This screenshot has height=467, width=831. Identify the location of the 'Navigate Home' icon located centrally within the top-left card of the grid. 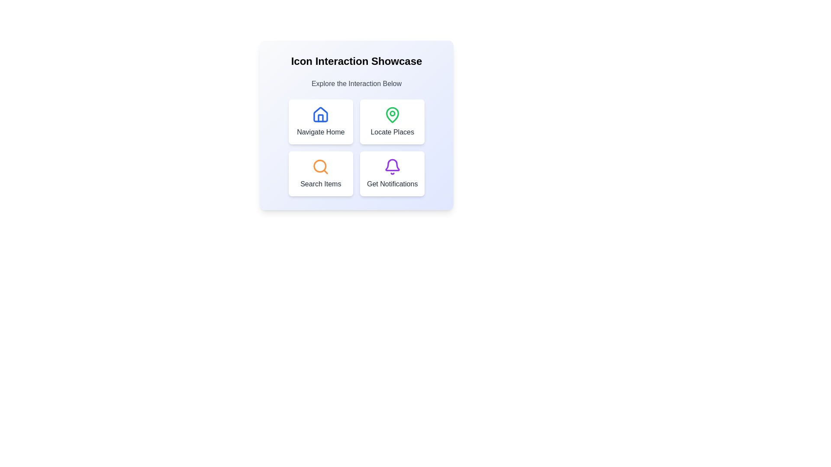
(320, 115).